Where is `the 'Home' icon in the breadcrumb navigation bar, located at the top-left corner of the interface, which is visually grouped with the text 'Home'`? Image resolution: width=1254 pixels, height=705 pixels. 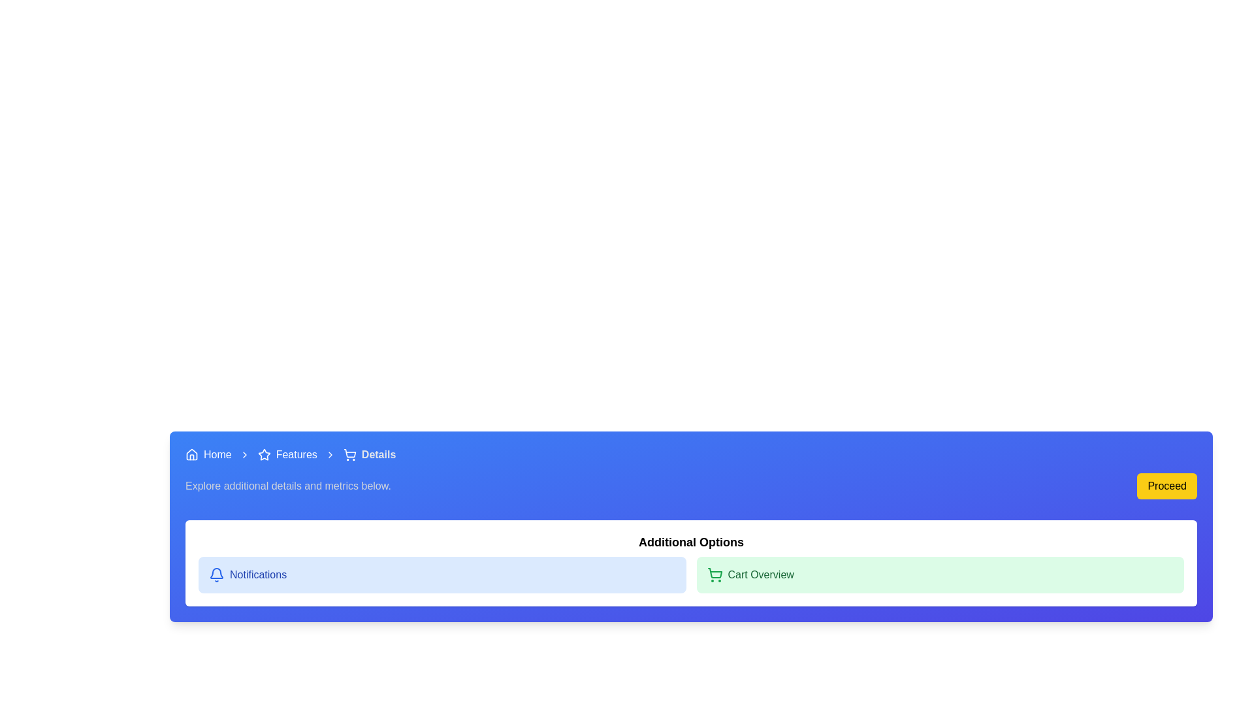 the 'Home' icon in the breadcrumb navigation bar, located at the top-left corner of the interface, which is visually grouped with the text 'Home' is located at coordinates (191, 454).